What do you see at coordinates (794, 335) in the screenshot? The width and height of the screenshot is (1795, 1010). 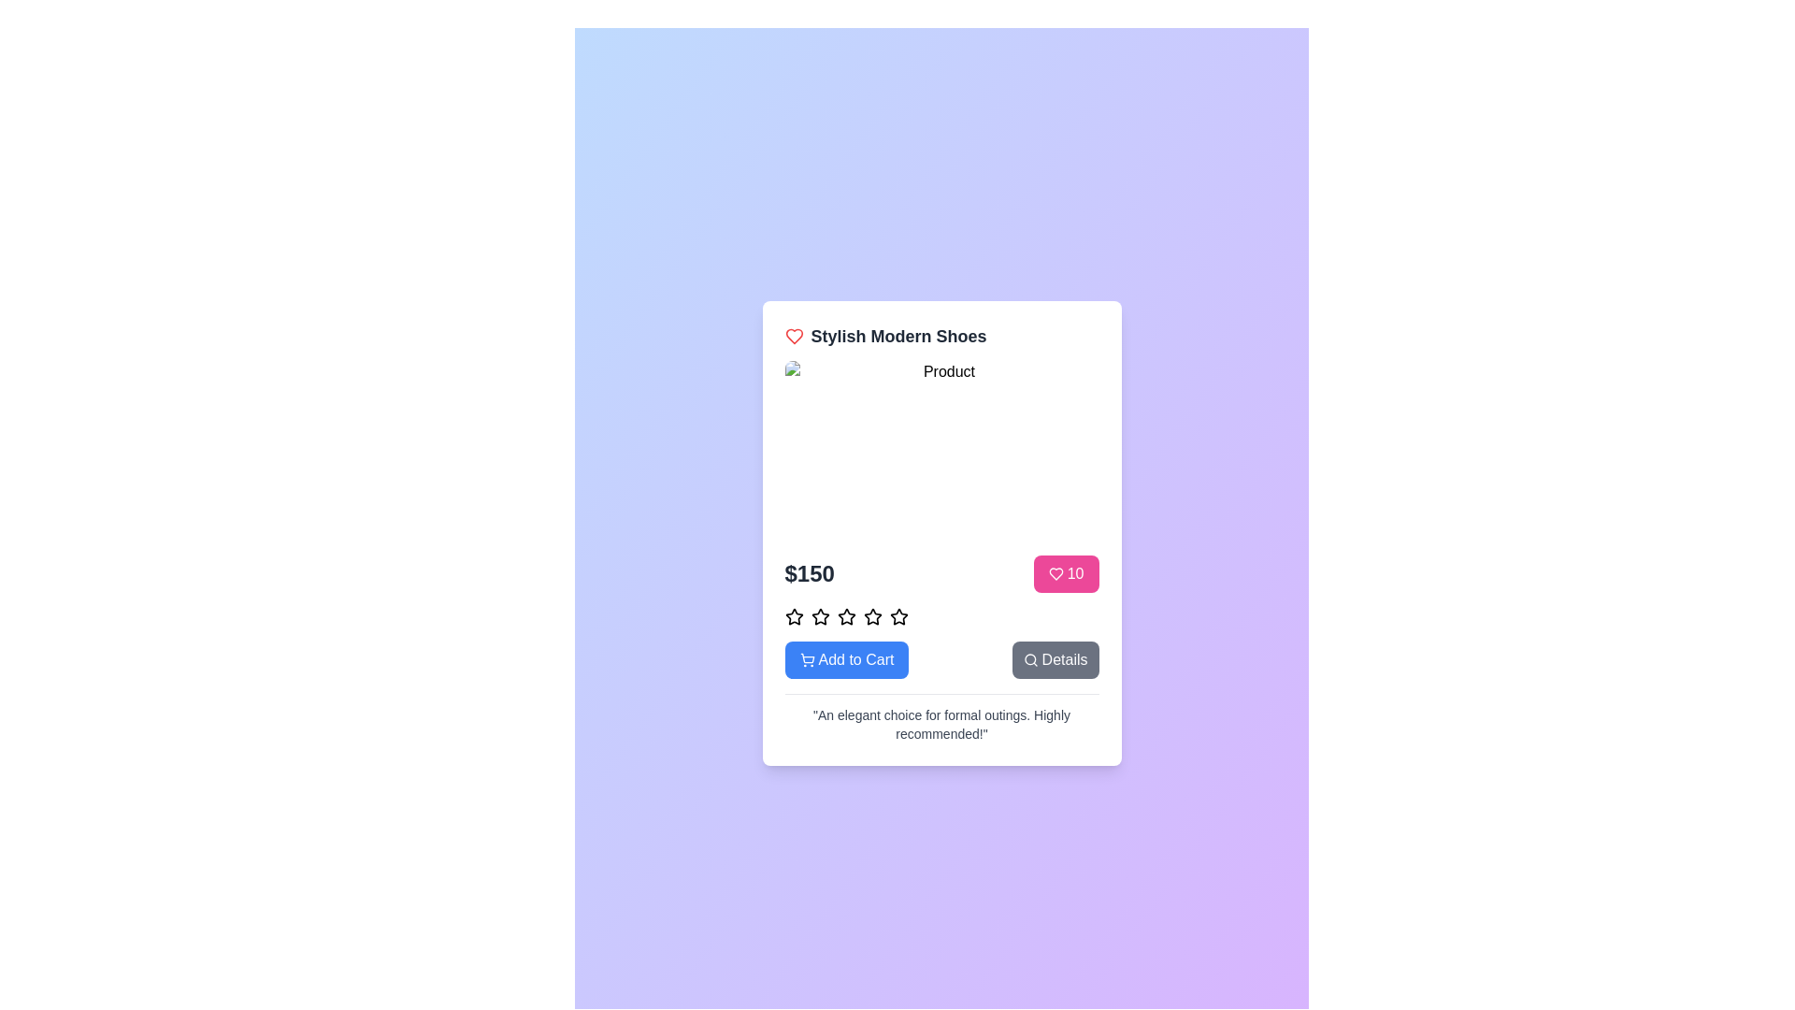 I see `the red heart icon located to the right of the price tag ($150) and aligned with the pink label displaying '10' within the interactive card section` at bounding box center [794, 335].